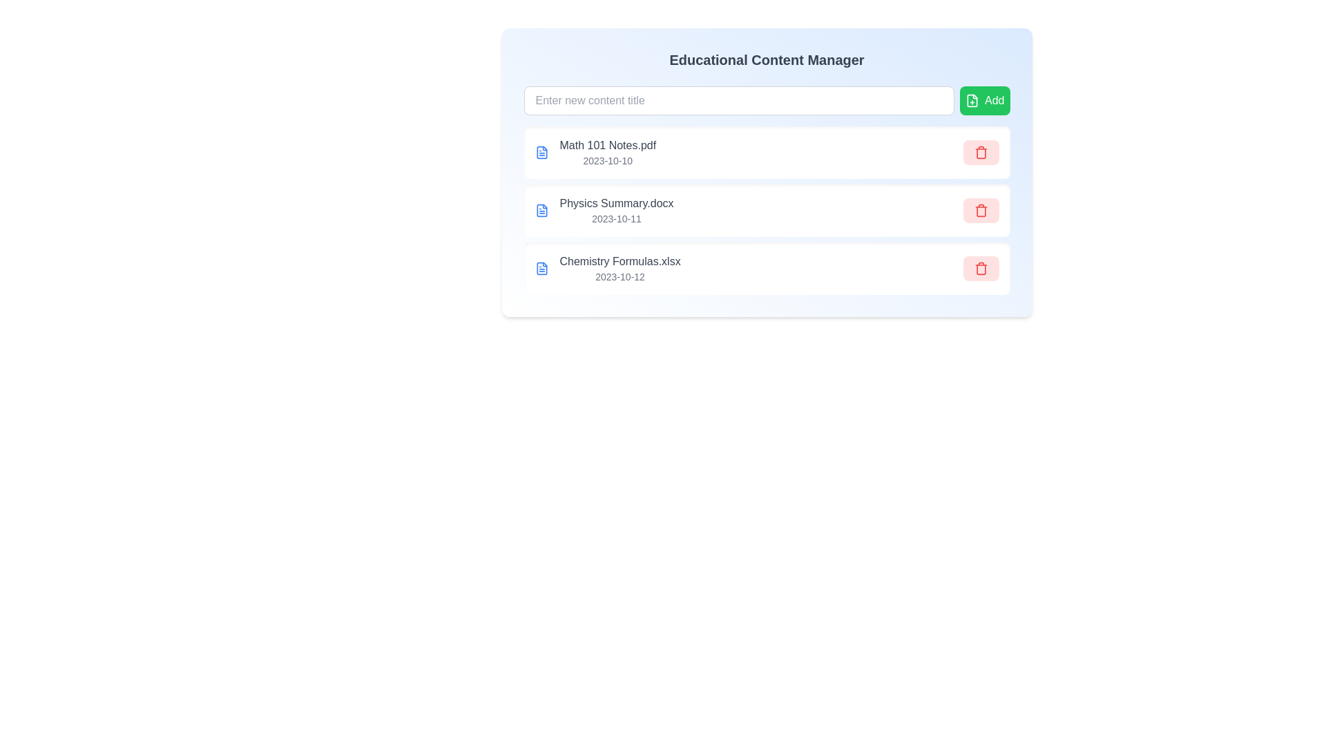 Image resolution: width=1326 pixels, height=746 pixels. I want to click on the green-themed button icon with a document shape and a '+' symbol located at the top-right corner of the panel, which is integrated with the text 'Add', so click(971, 100).